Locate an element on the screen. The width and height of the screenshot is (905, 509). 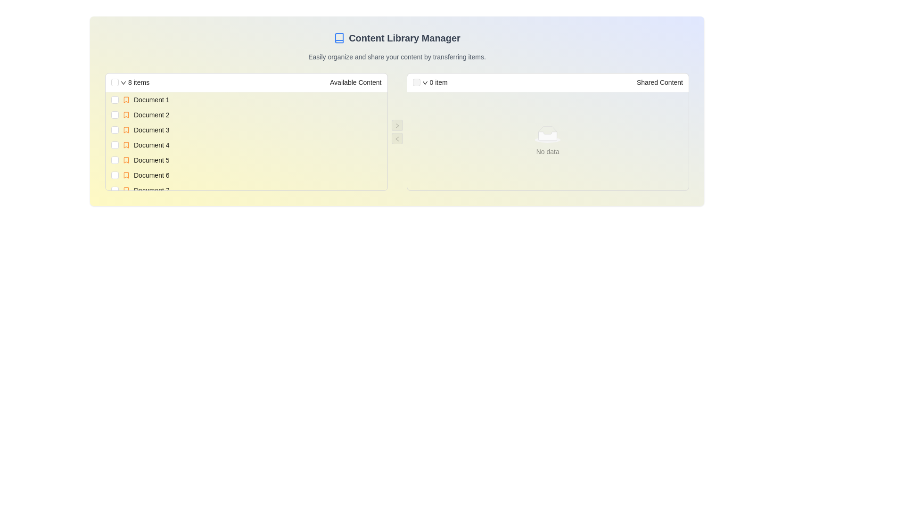
the 'Document 4' text item with the orange bookmark icon from its position in the 'Available Content' section is located at coordinates (252, 145).